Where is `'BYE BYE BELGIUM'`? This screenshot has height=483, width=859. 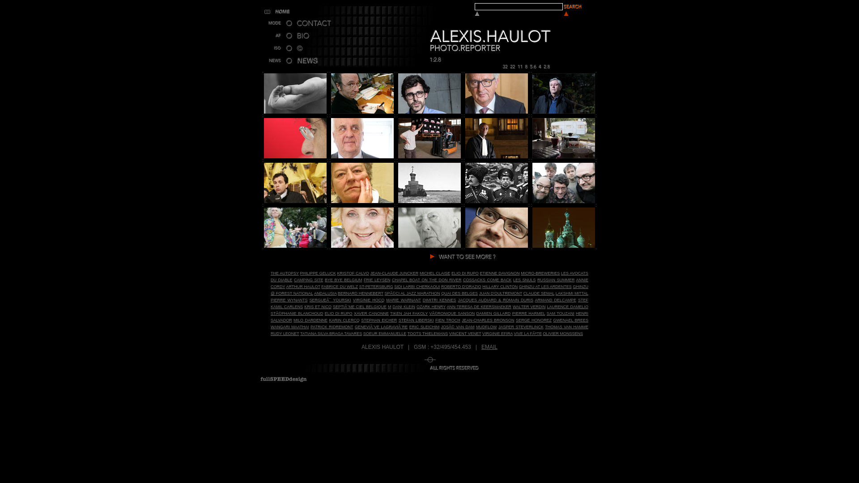 'BYE BYE BELGIUM' is located at coordinates (343, 279).